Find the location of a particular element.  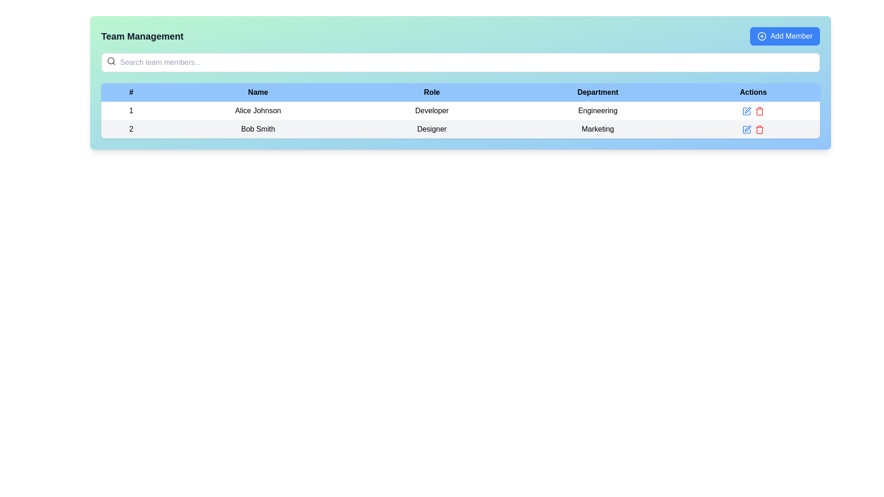

the 'Department' header text label located in the fourth column of the table, positioned between 'Role' and 'Actions' is located at coordinates (598, 92).